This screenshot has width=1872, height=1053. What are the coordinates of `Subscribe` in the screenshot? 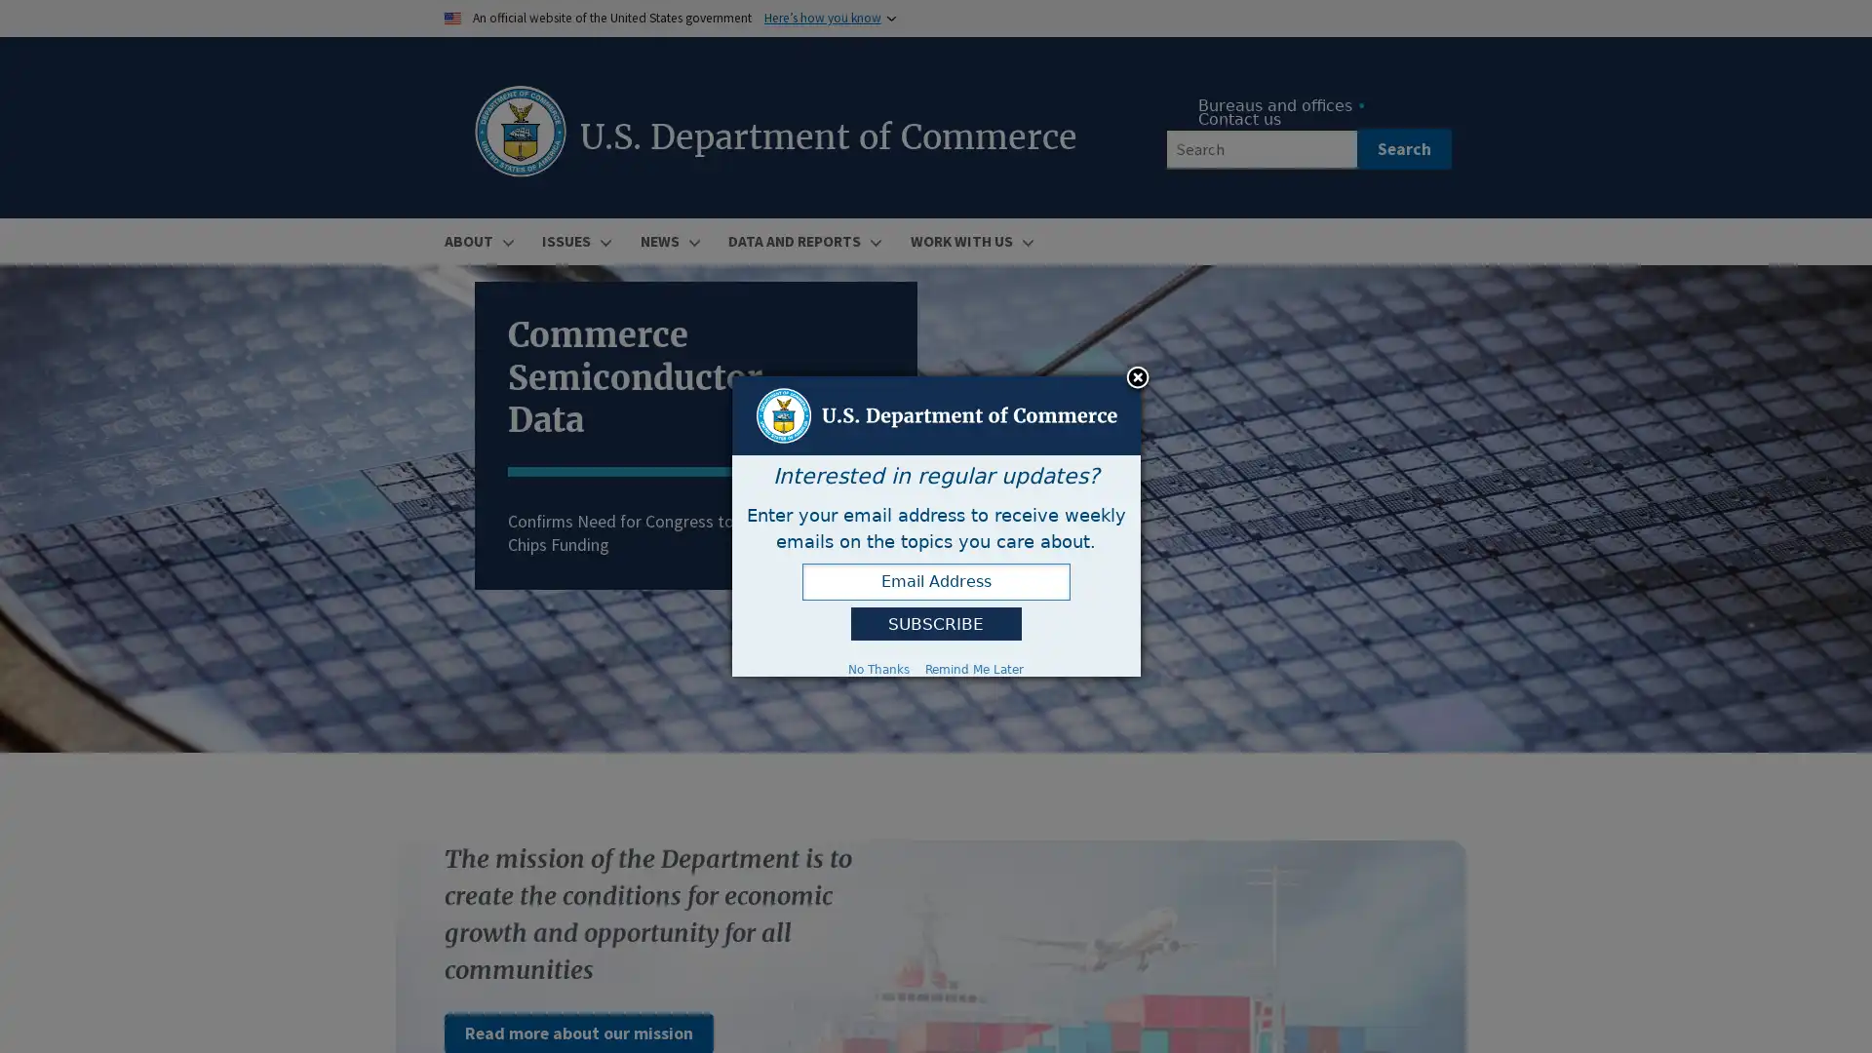 It's located at (934, 624).